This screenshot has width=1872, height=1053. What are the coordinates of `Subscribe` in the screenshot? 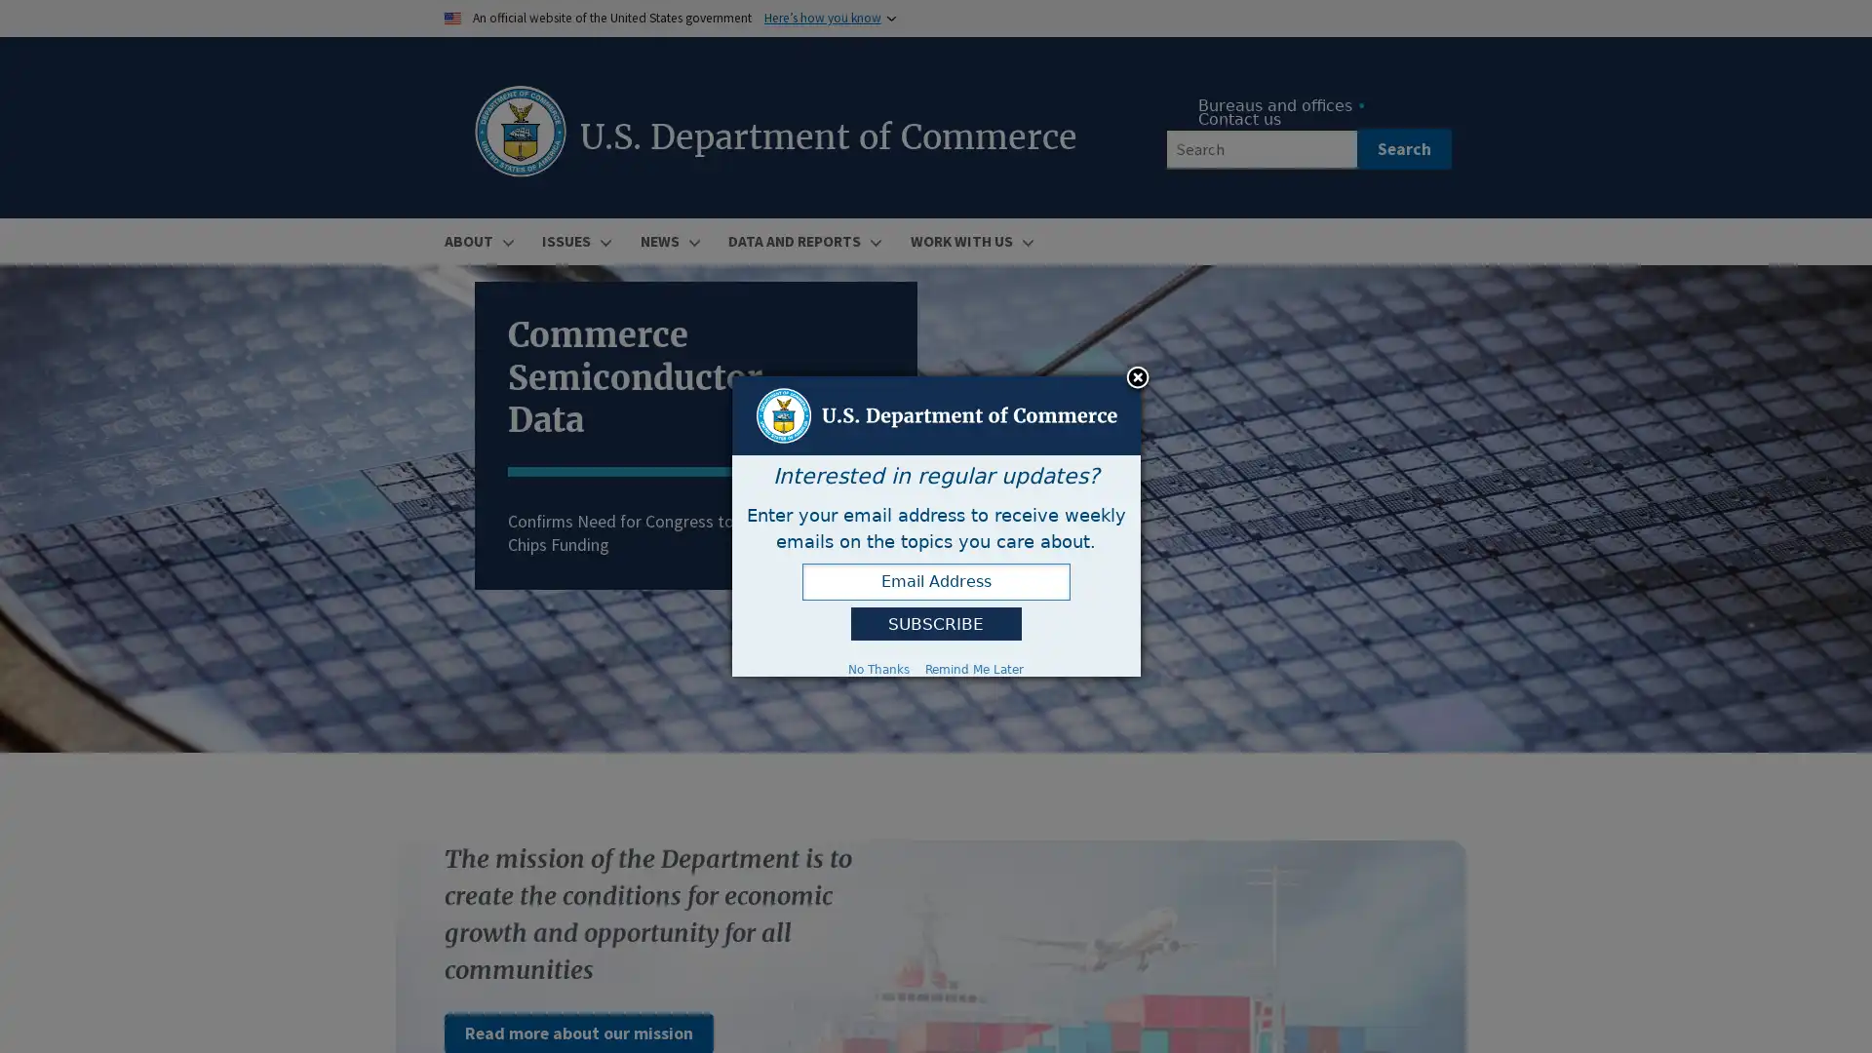 It's located at (934, 624).